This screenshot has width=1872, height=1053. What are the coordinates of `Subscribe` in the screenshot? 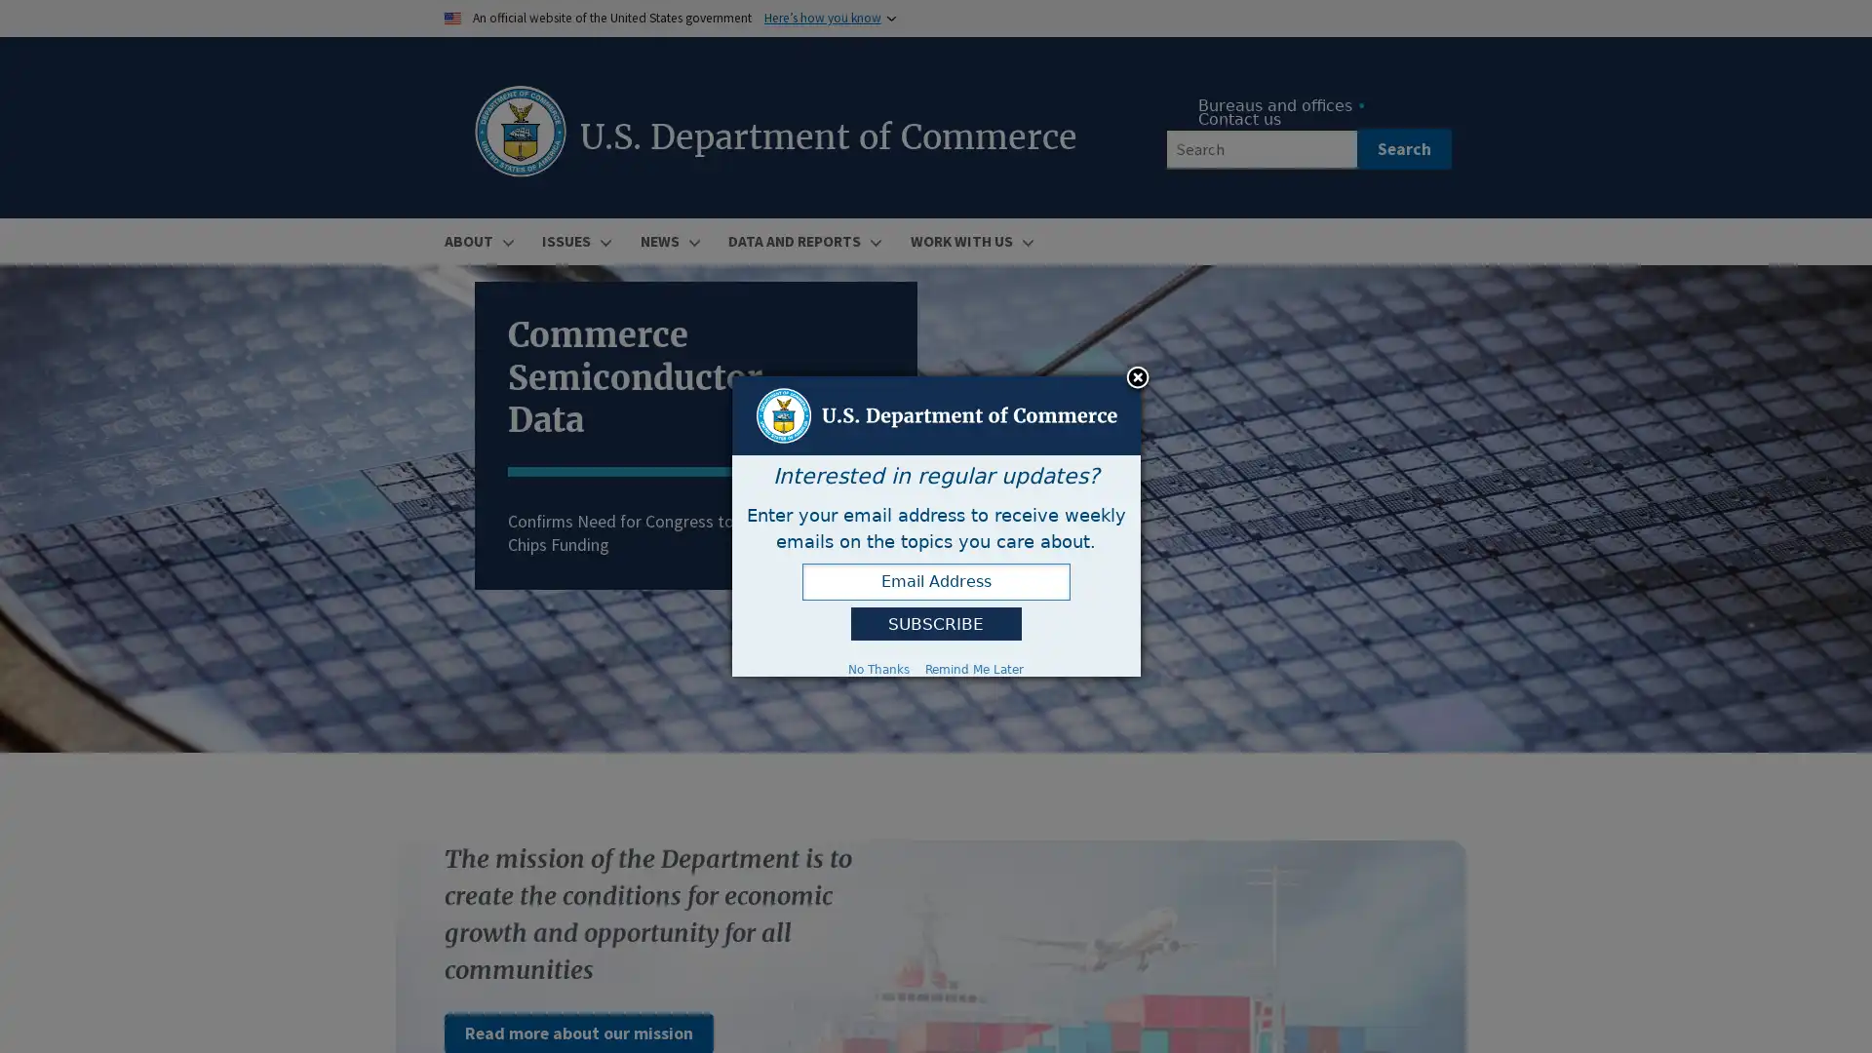 It's located at (934, 624).